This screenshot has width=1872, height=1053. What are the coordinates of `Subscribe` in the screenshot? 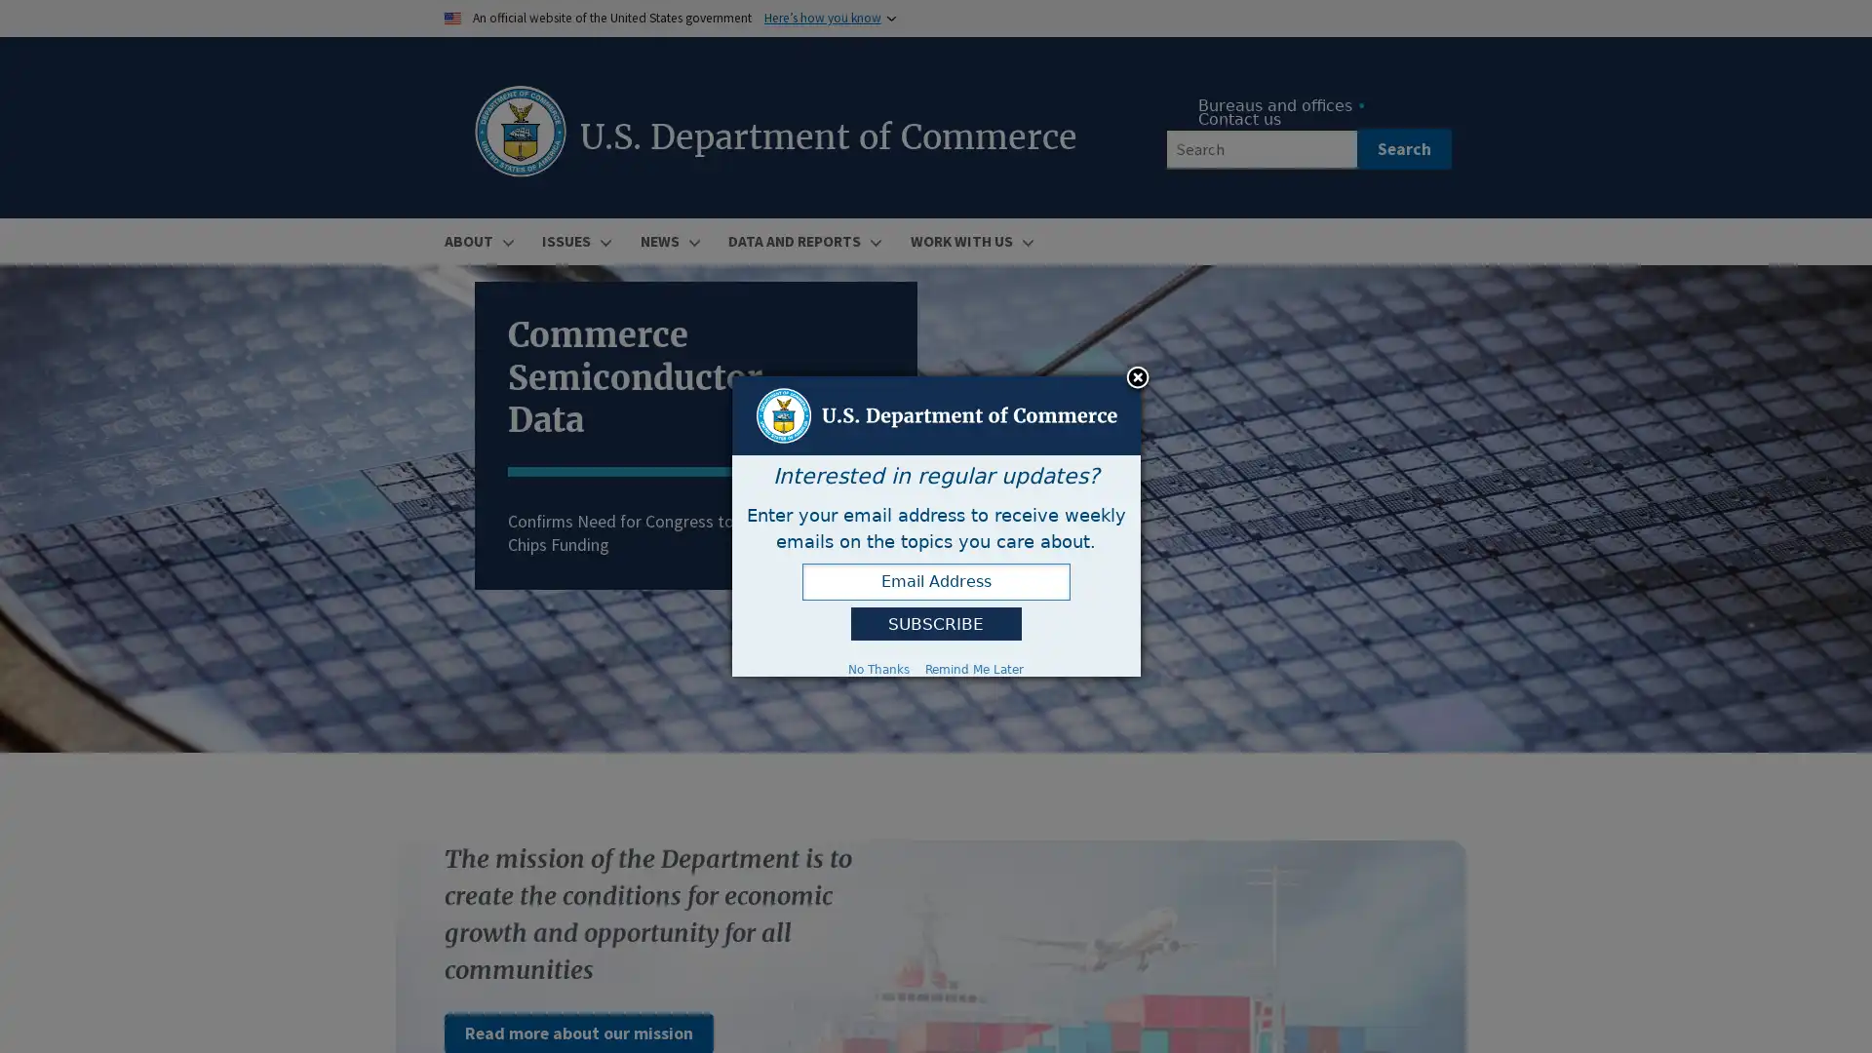 It's located at (934, 624).